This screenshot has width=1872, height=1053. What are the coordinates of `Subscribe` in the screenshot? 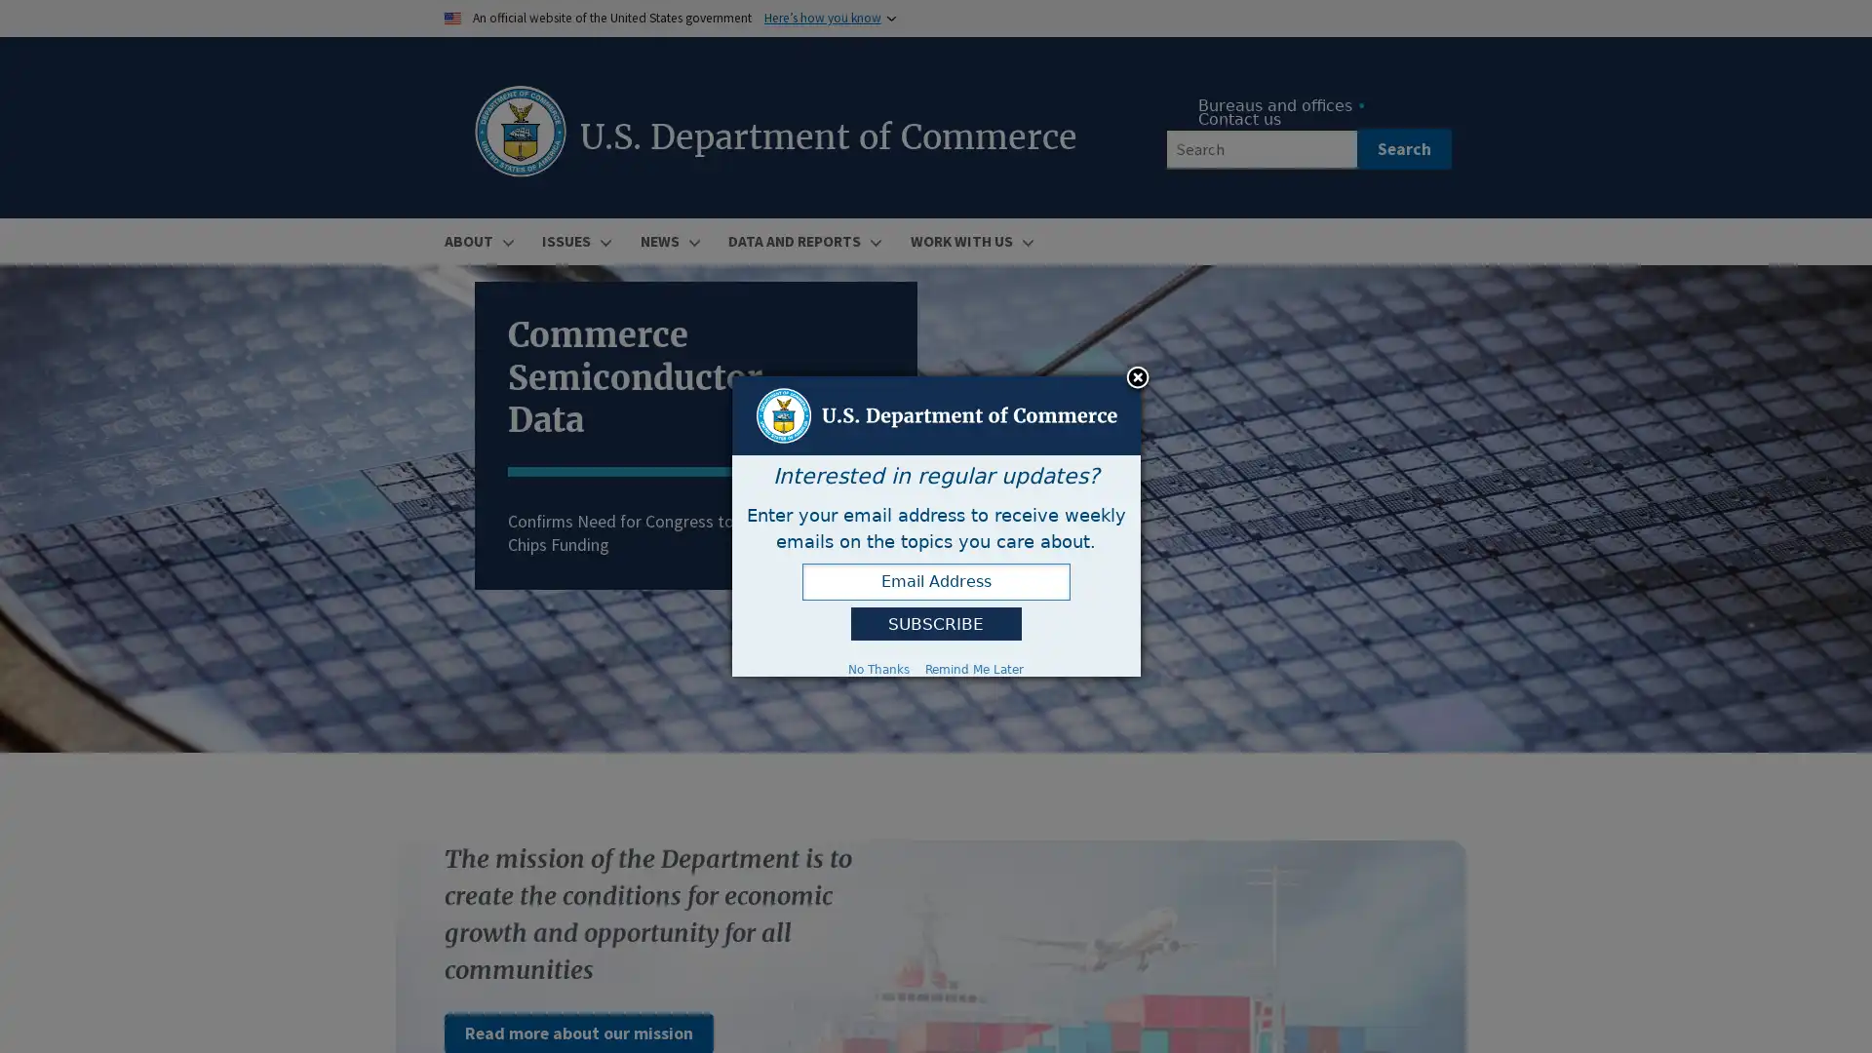 It's located at (934, 624).